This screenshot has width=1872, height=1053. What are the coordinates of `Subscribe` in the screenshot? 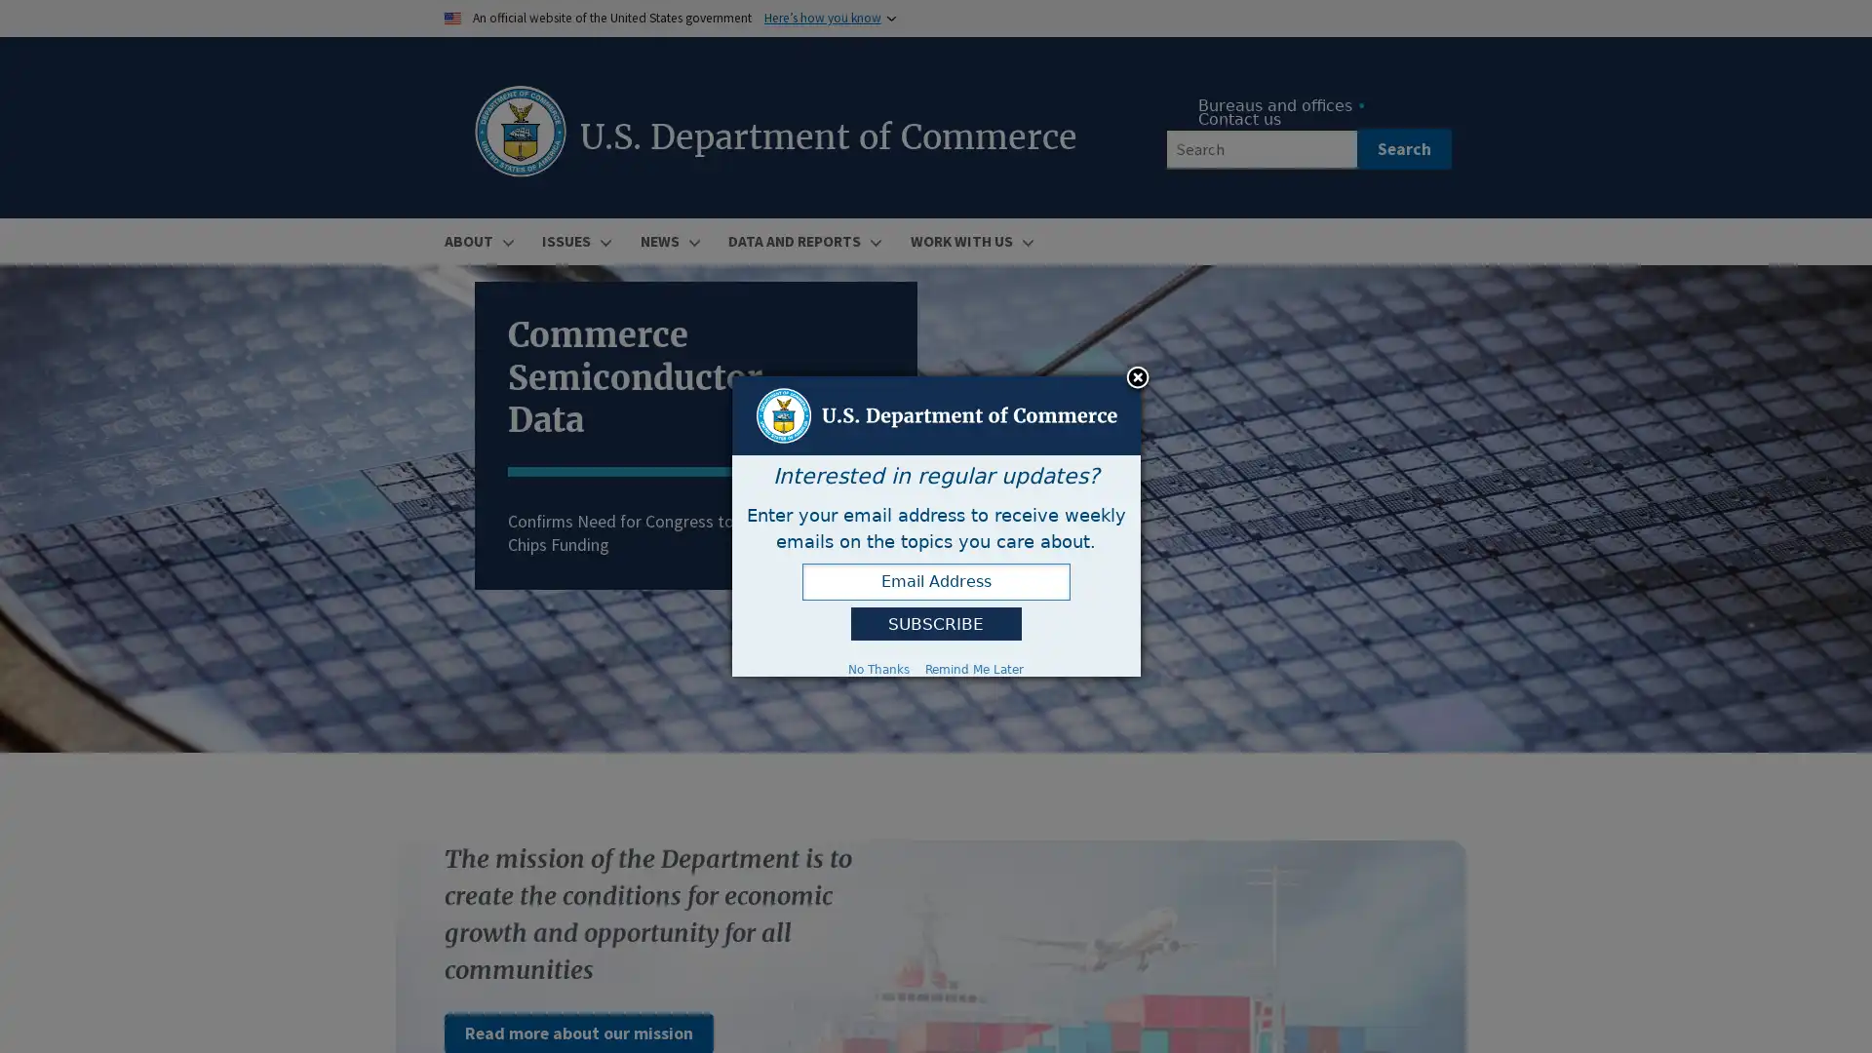 It's located at (934, 624).